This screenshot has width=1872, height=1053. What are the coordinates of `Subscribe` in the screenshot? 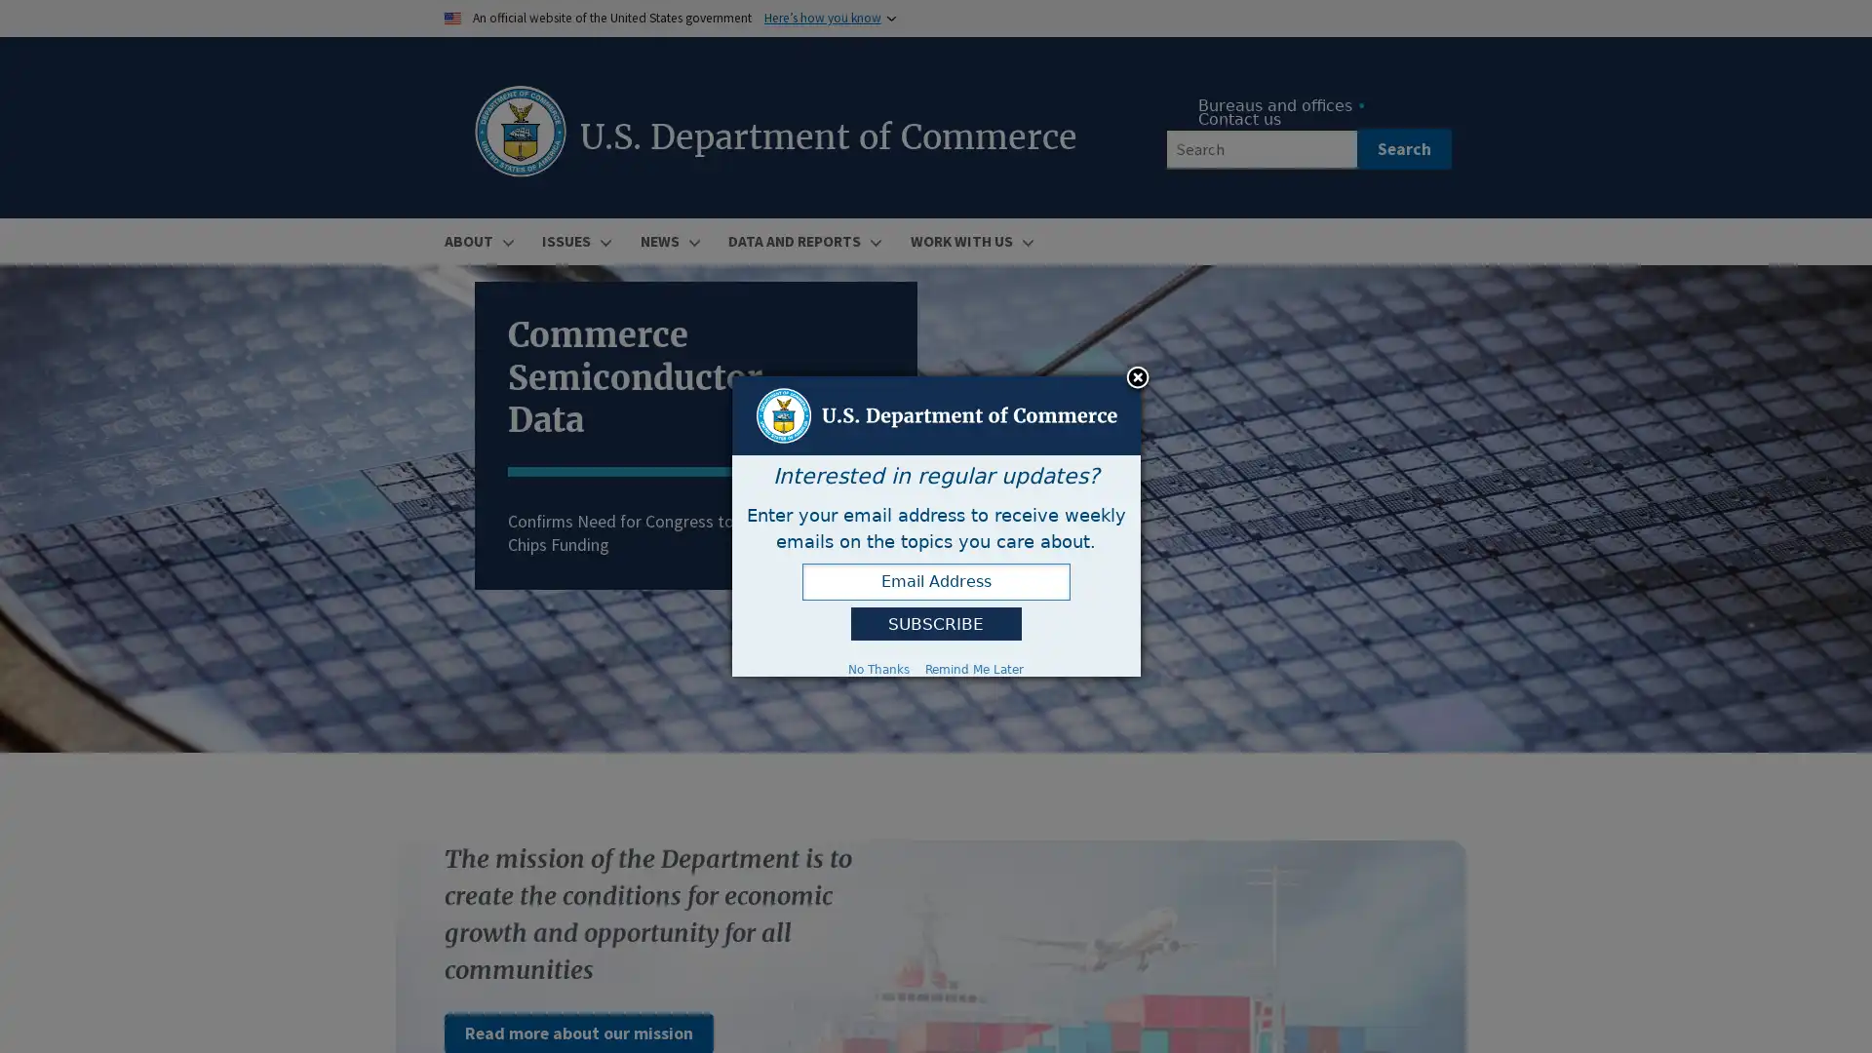 It's located at (934, 624).